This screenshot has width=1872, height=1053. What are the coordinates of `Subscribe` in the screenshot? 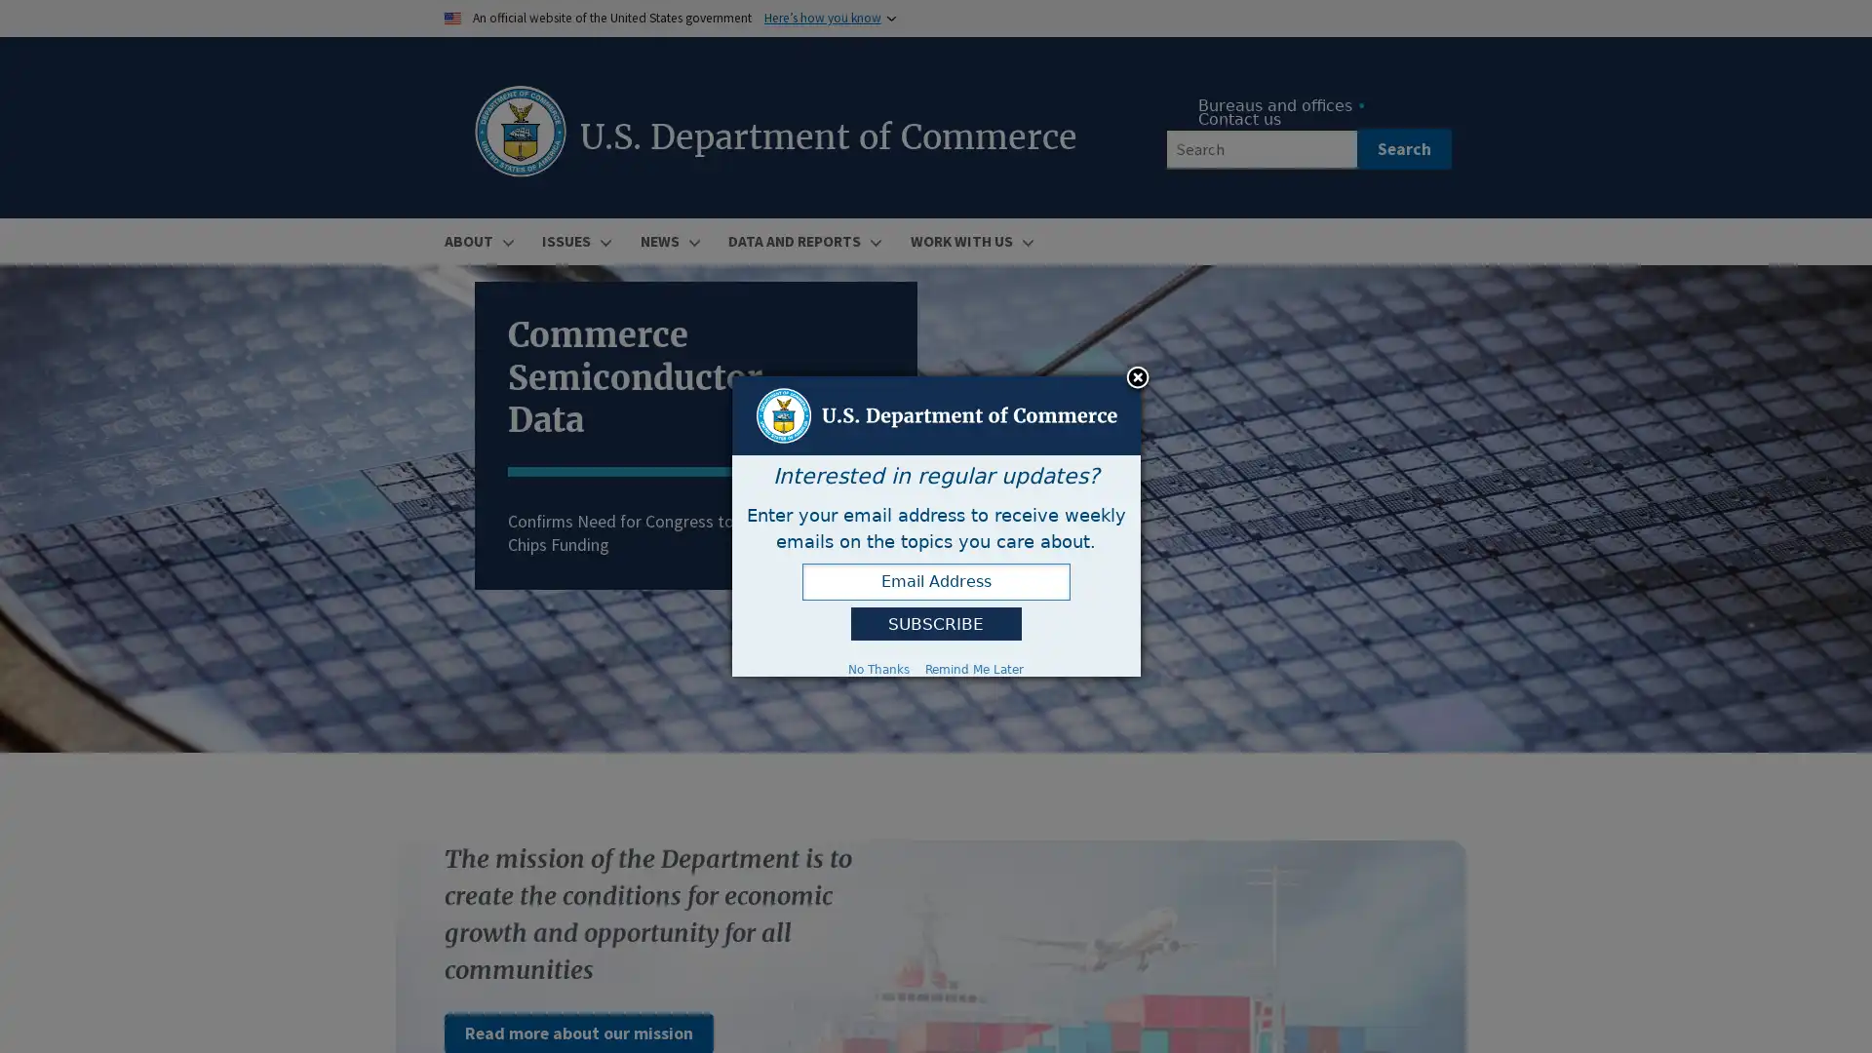 It's located at (934, 624).